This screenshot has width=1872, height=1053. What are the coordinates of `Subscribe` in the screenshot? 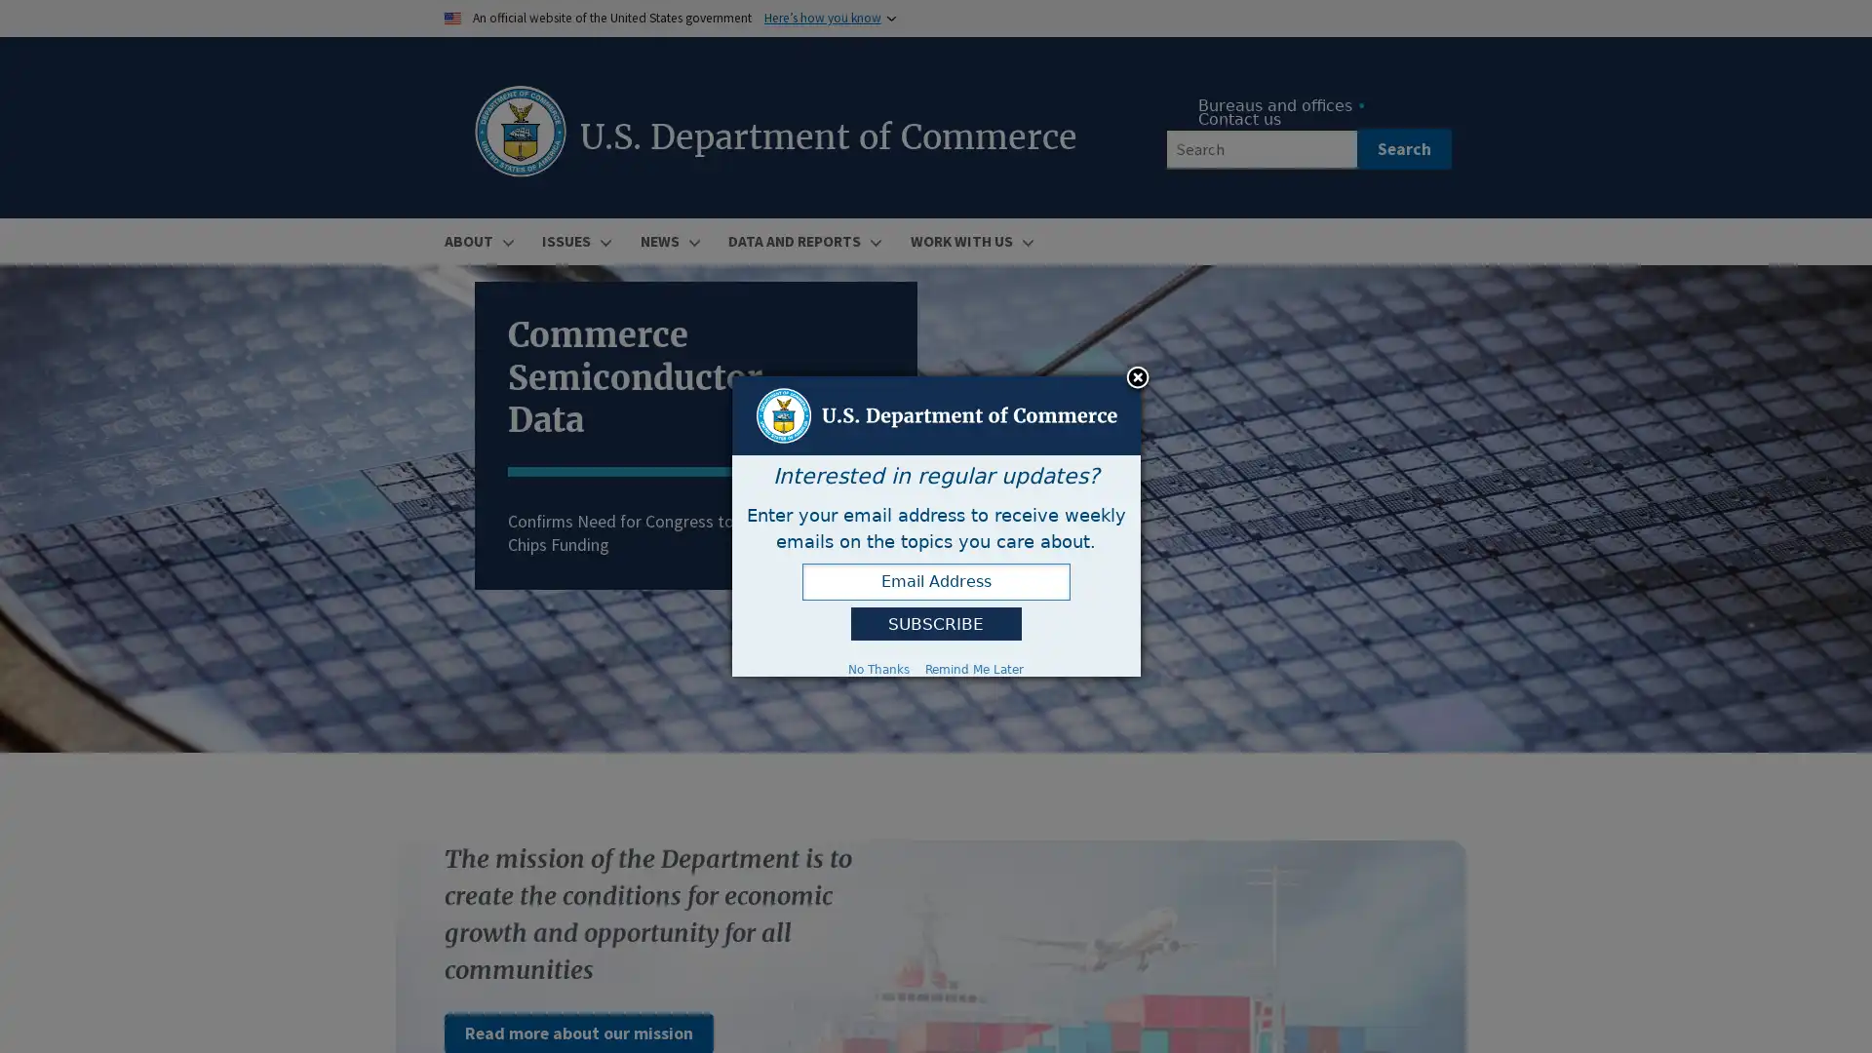 It's located at (934, 624).